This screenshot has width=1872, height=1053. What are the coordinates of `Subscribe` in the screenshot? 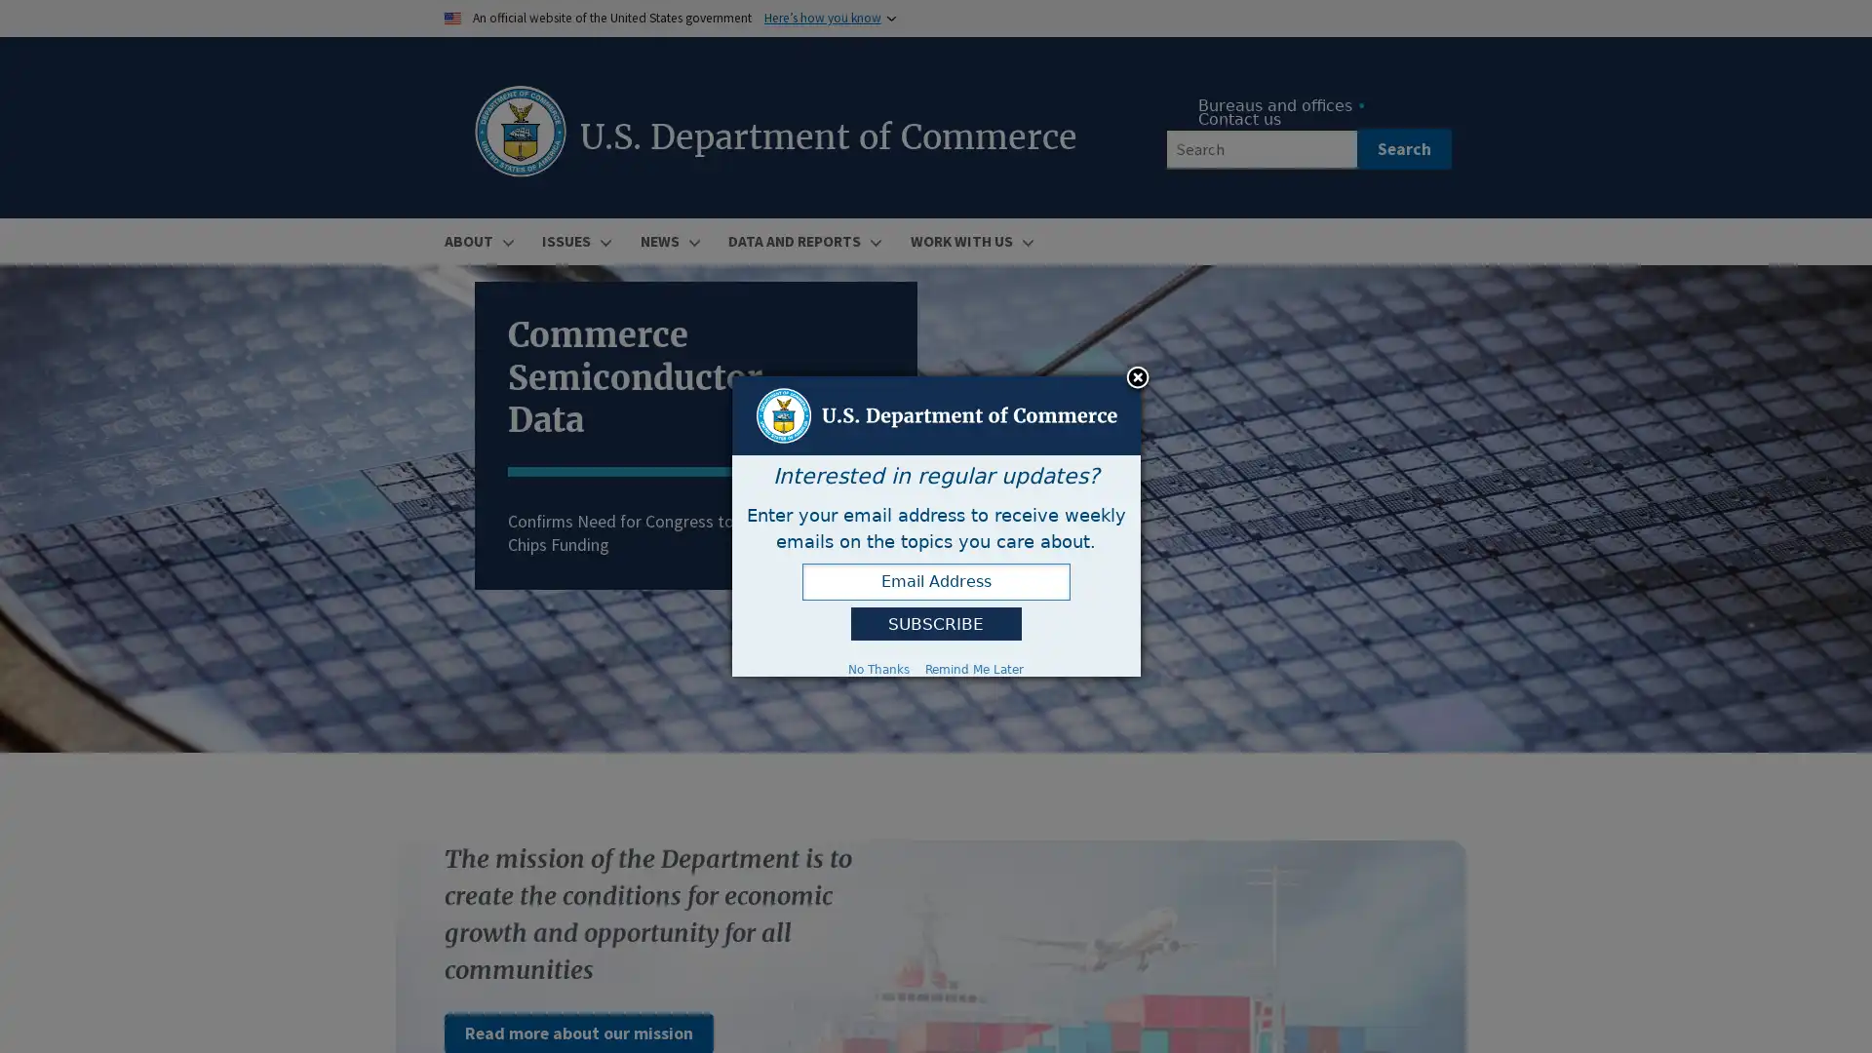 It's located at (934, 624).